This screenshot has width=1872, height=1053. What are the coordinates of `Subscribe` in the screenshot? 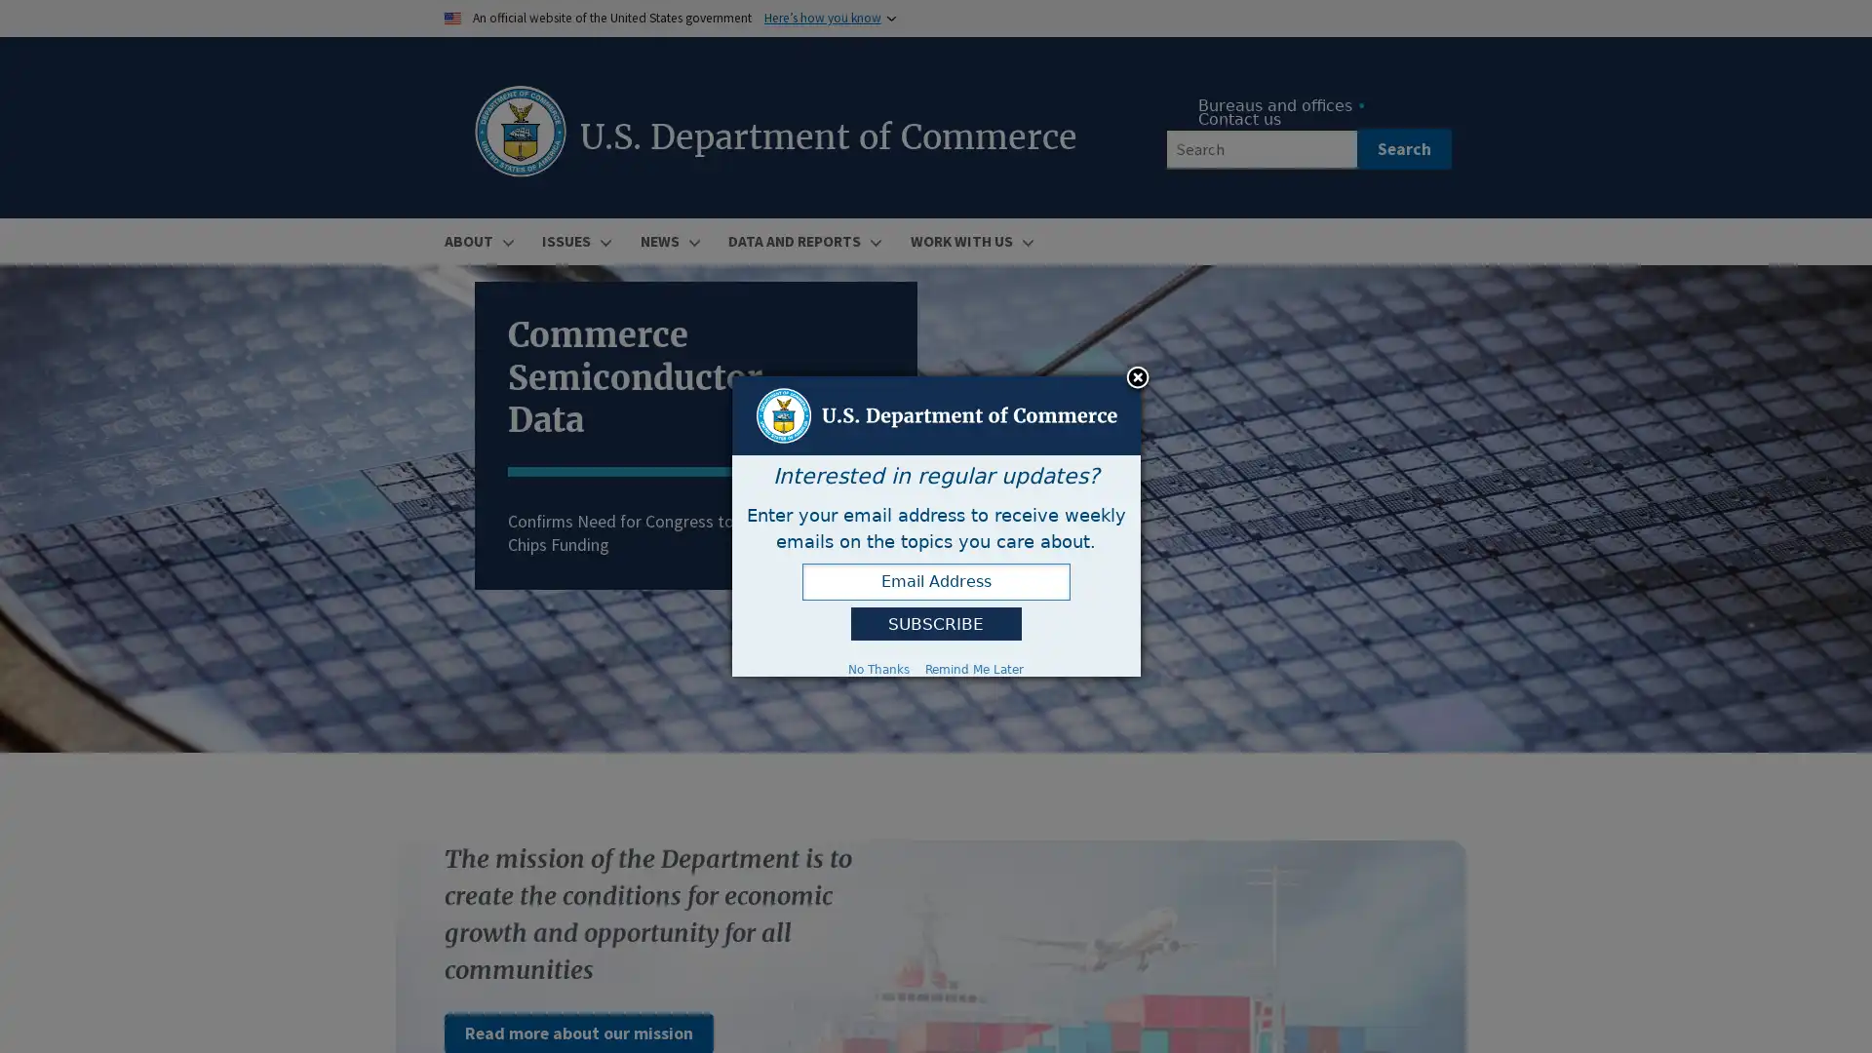 It's located at (934, 624).